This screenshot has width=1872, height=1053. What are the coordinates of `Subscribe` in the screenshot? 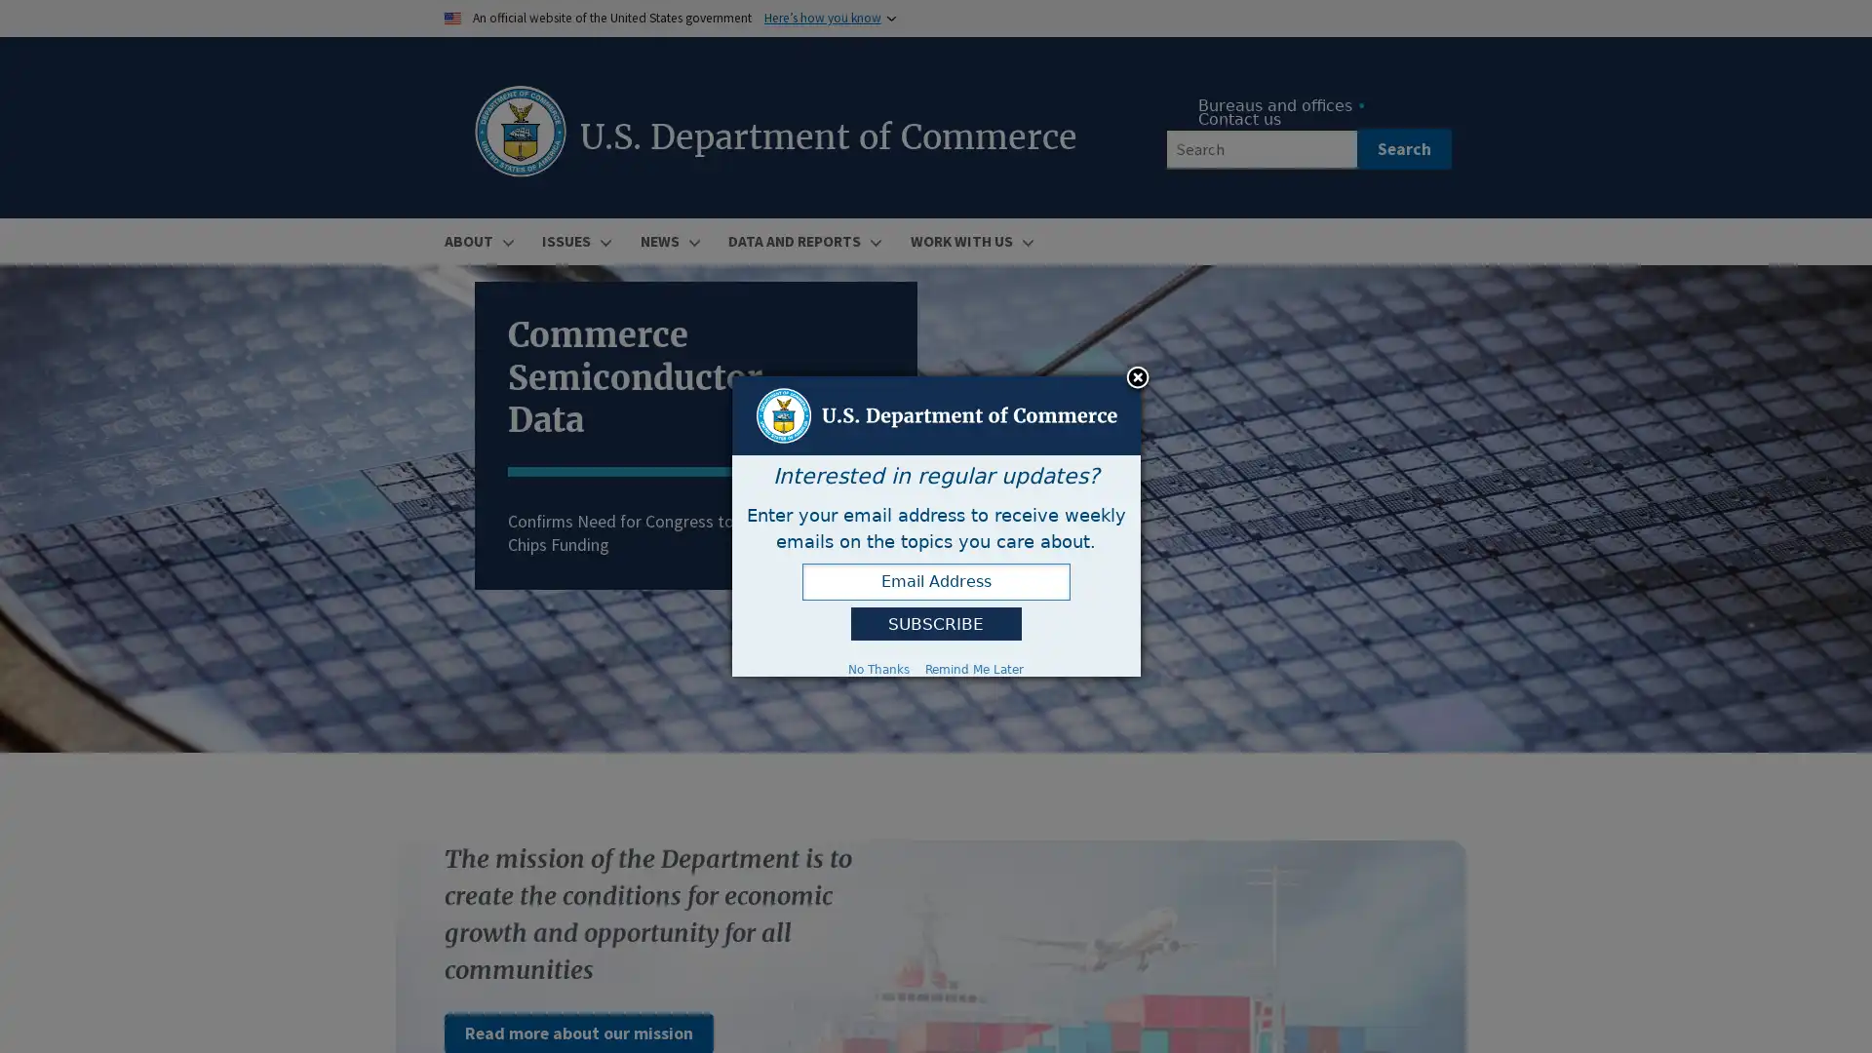 It's located at (934, 624).